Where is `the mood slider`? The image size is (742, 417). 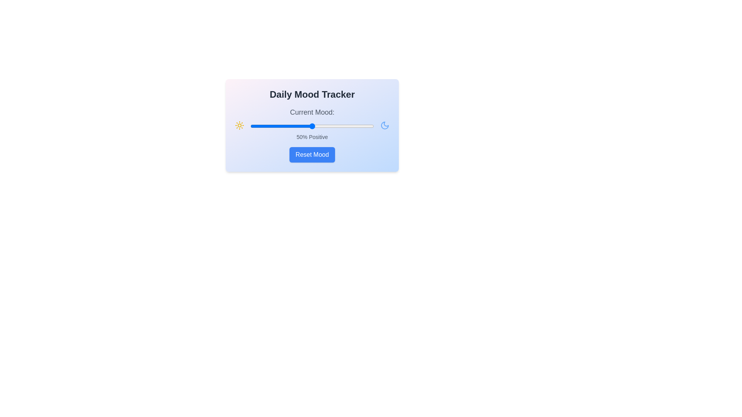
the mood slider is located at coordinates (267, 126).